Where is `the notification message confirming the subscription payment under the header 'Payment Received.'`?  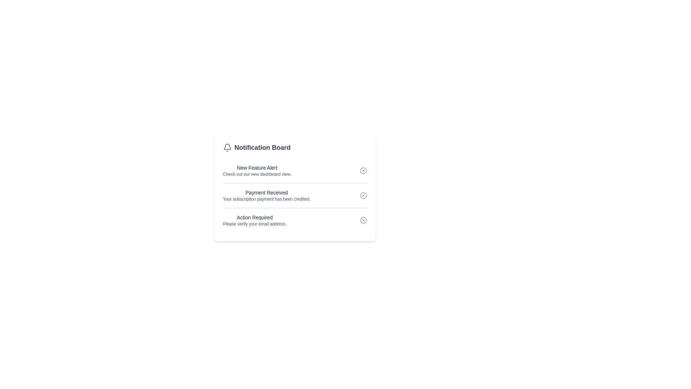
the notification message confirming the subscription payment under the header 'Payment Received.' is located at coordinates (266, 199).